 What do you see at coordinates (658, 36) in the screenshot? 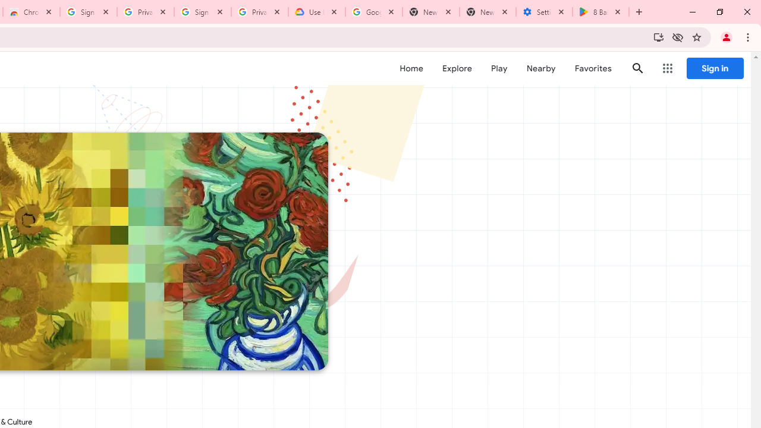
I see `'Install Google Arts & Culture'` at bounding box center [658, 36].